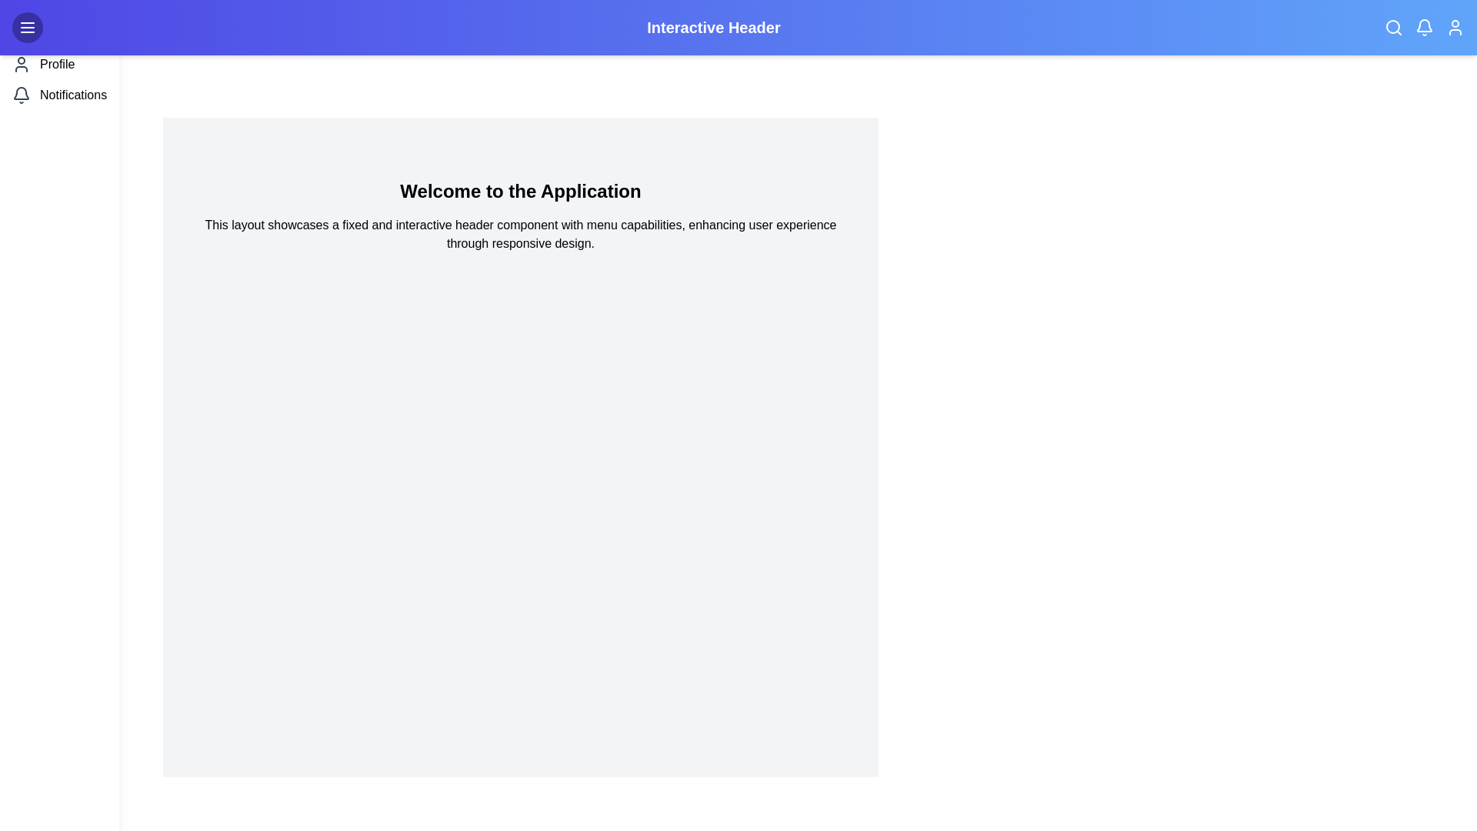  Describe the element at coordinates (712, 27) in the screenshot. I see `the 'Interactive Header' text element, which is displayed in a large, bold font at the top of the interface within a blue header bar` at that location.